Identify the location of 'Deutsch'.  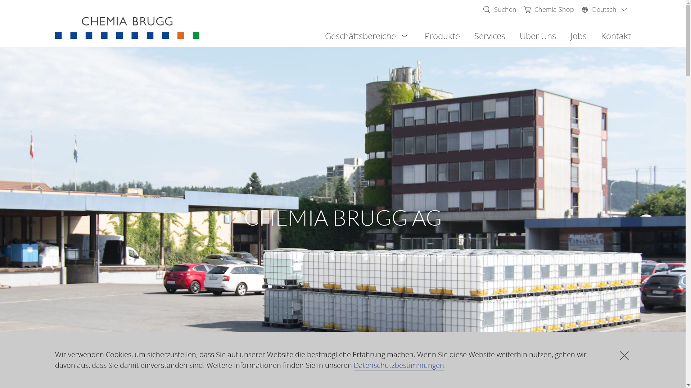
(605, 10).